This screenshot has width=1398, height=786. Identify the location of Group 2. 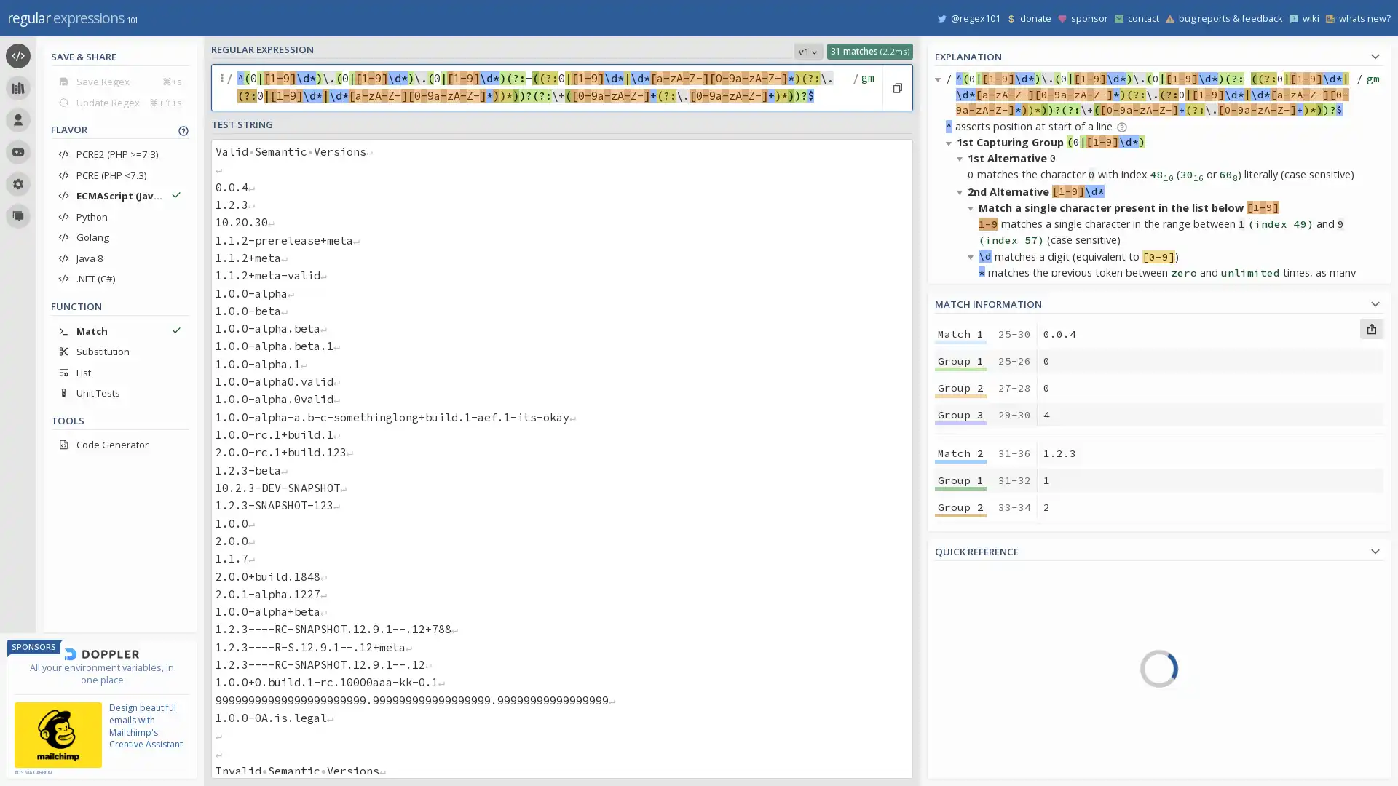
(960, 746).